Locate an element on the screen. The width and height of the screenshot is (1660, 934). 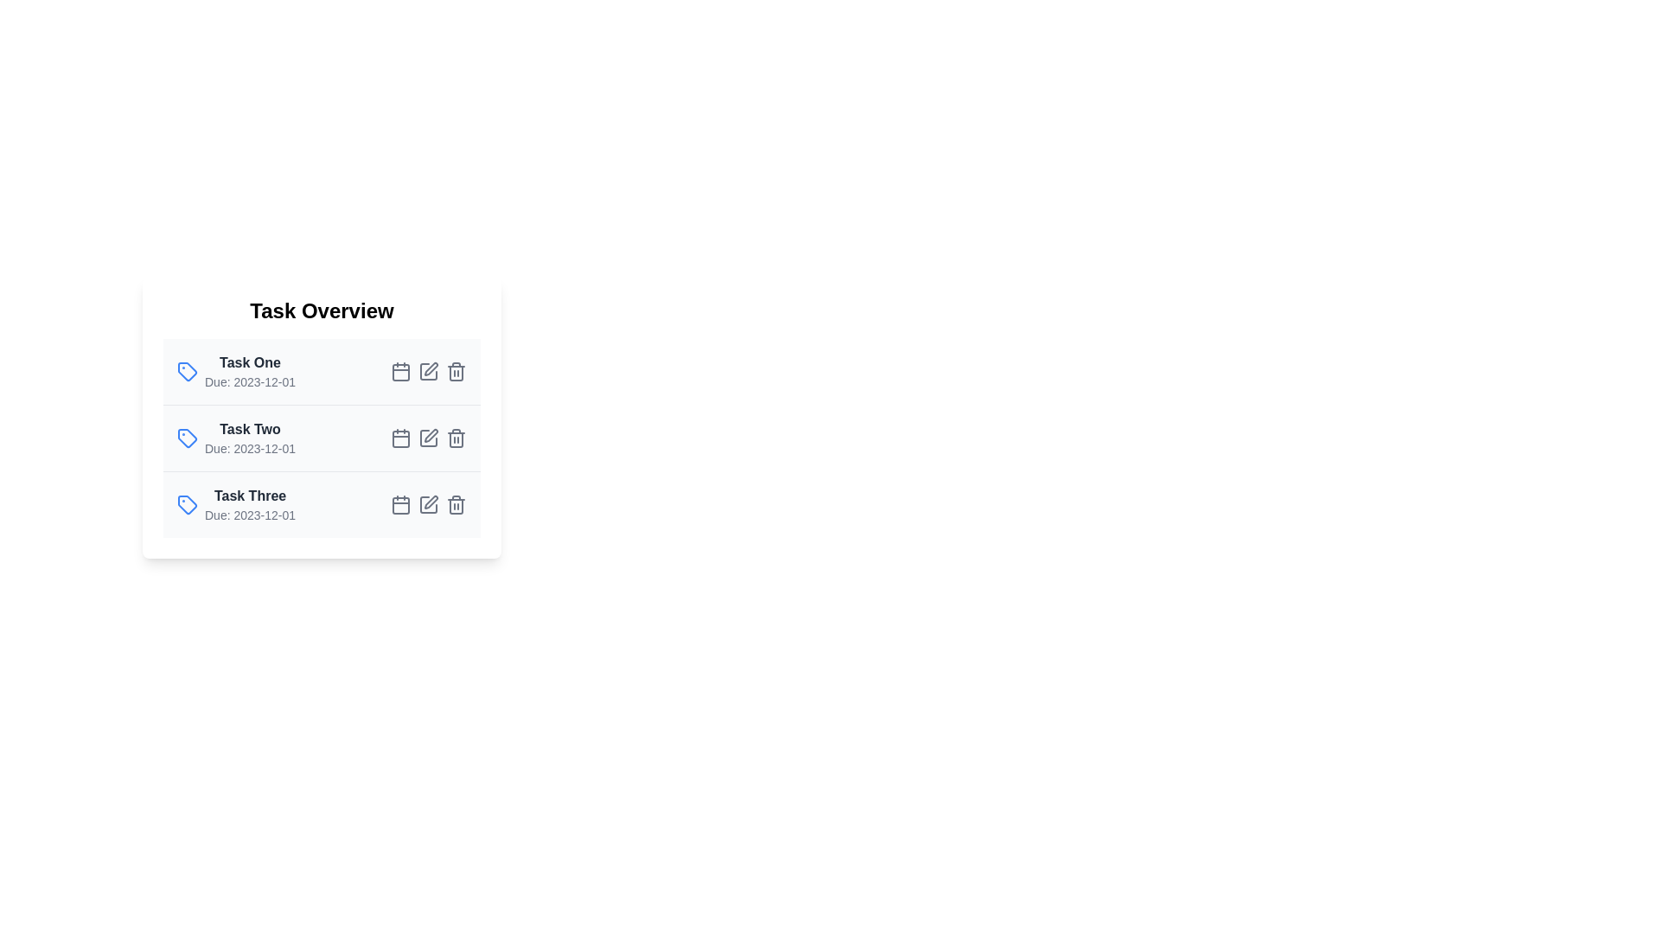
the pen icon button within the action icon group for 'Task One' to observe its hover state change to green is located at coordinates (428, 370).